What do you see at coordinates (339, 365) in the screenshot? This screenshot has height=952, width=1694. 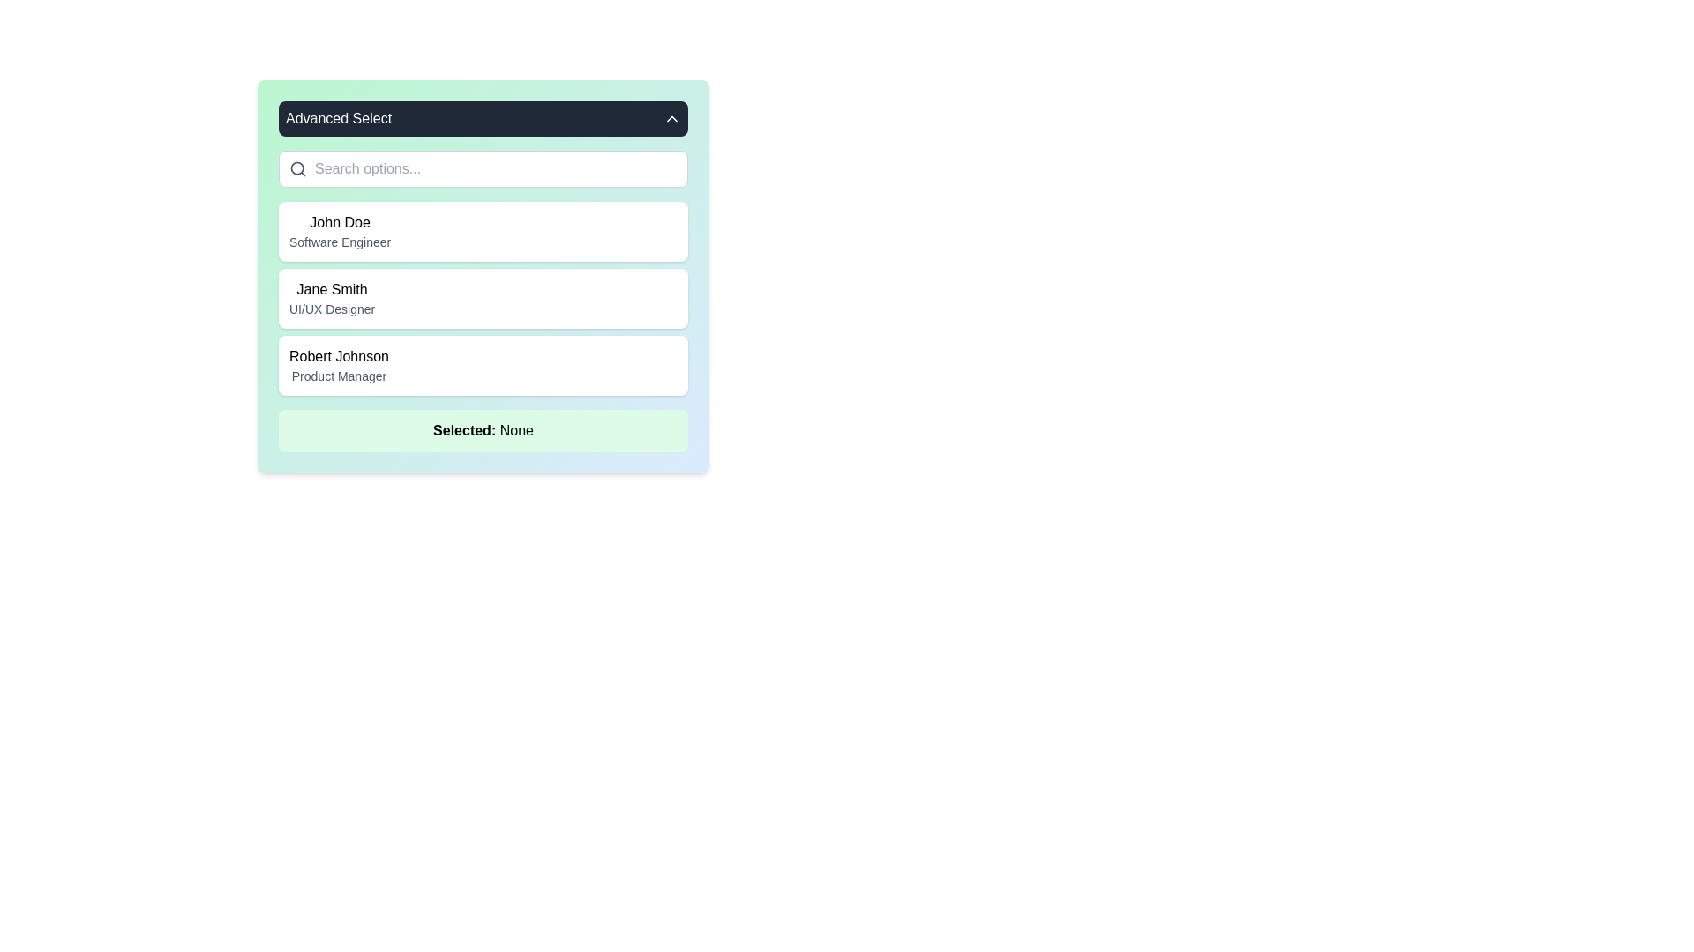 I see `the text element displaying 'Robert Johnson'` at bounding box center [339, 365].